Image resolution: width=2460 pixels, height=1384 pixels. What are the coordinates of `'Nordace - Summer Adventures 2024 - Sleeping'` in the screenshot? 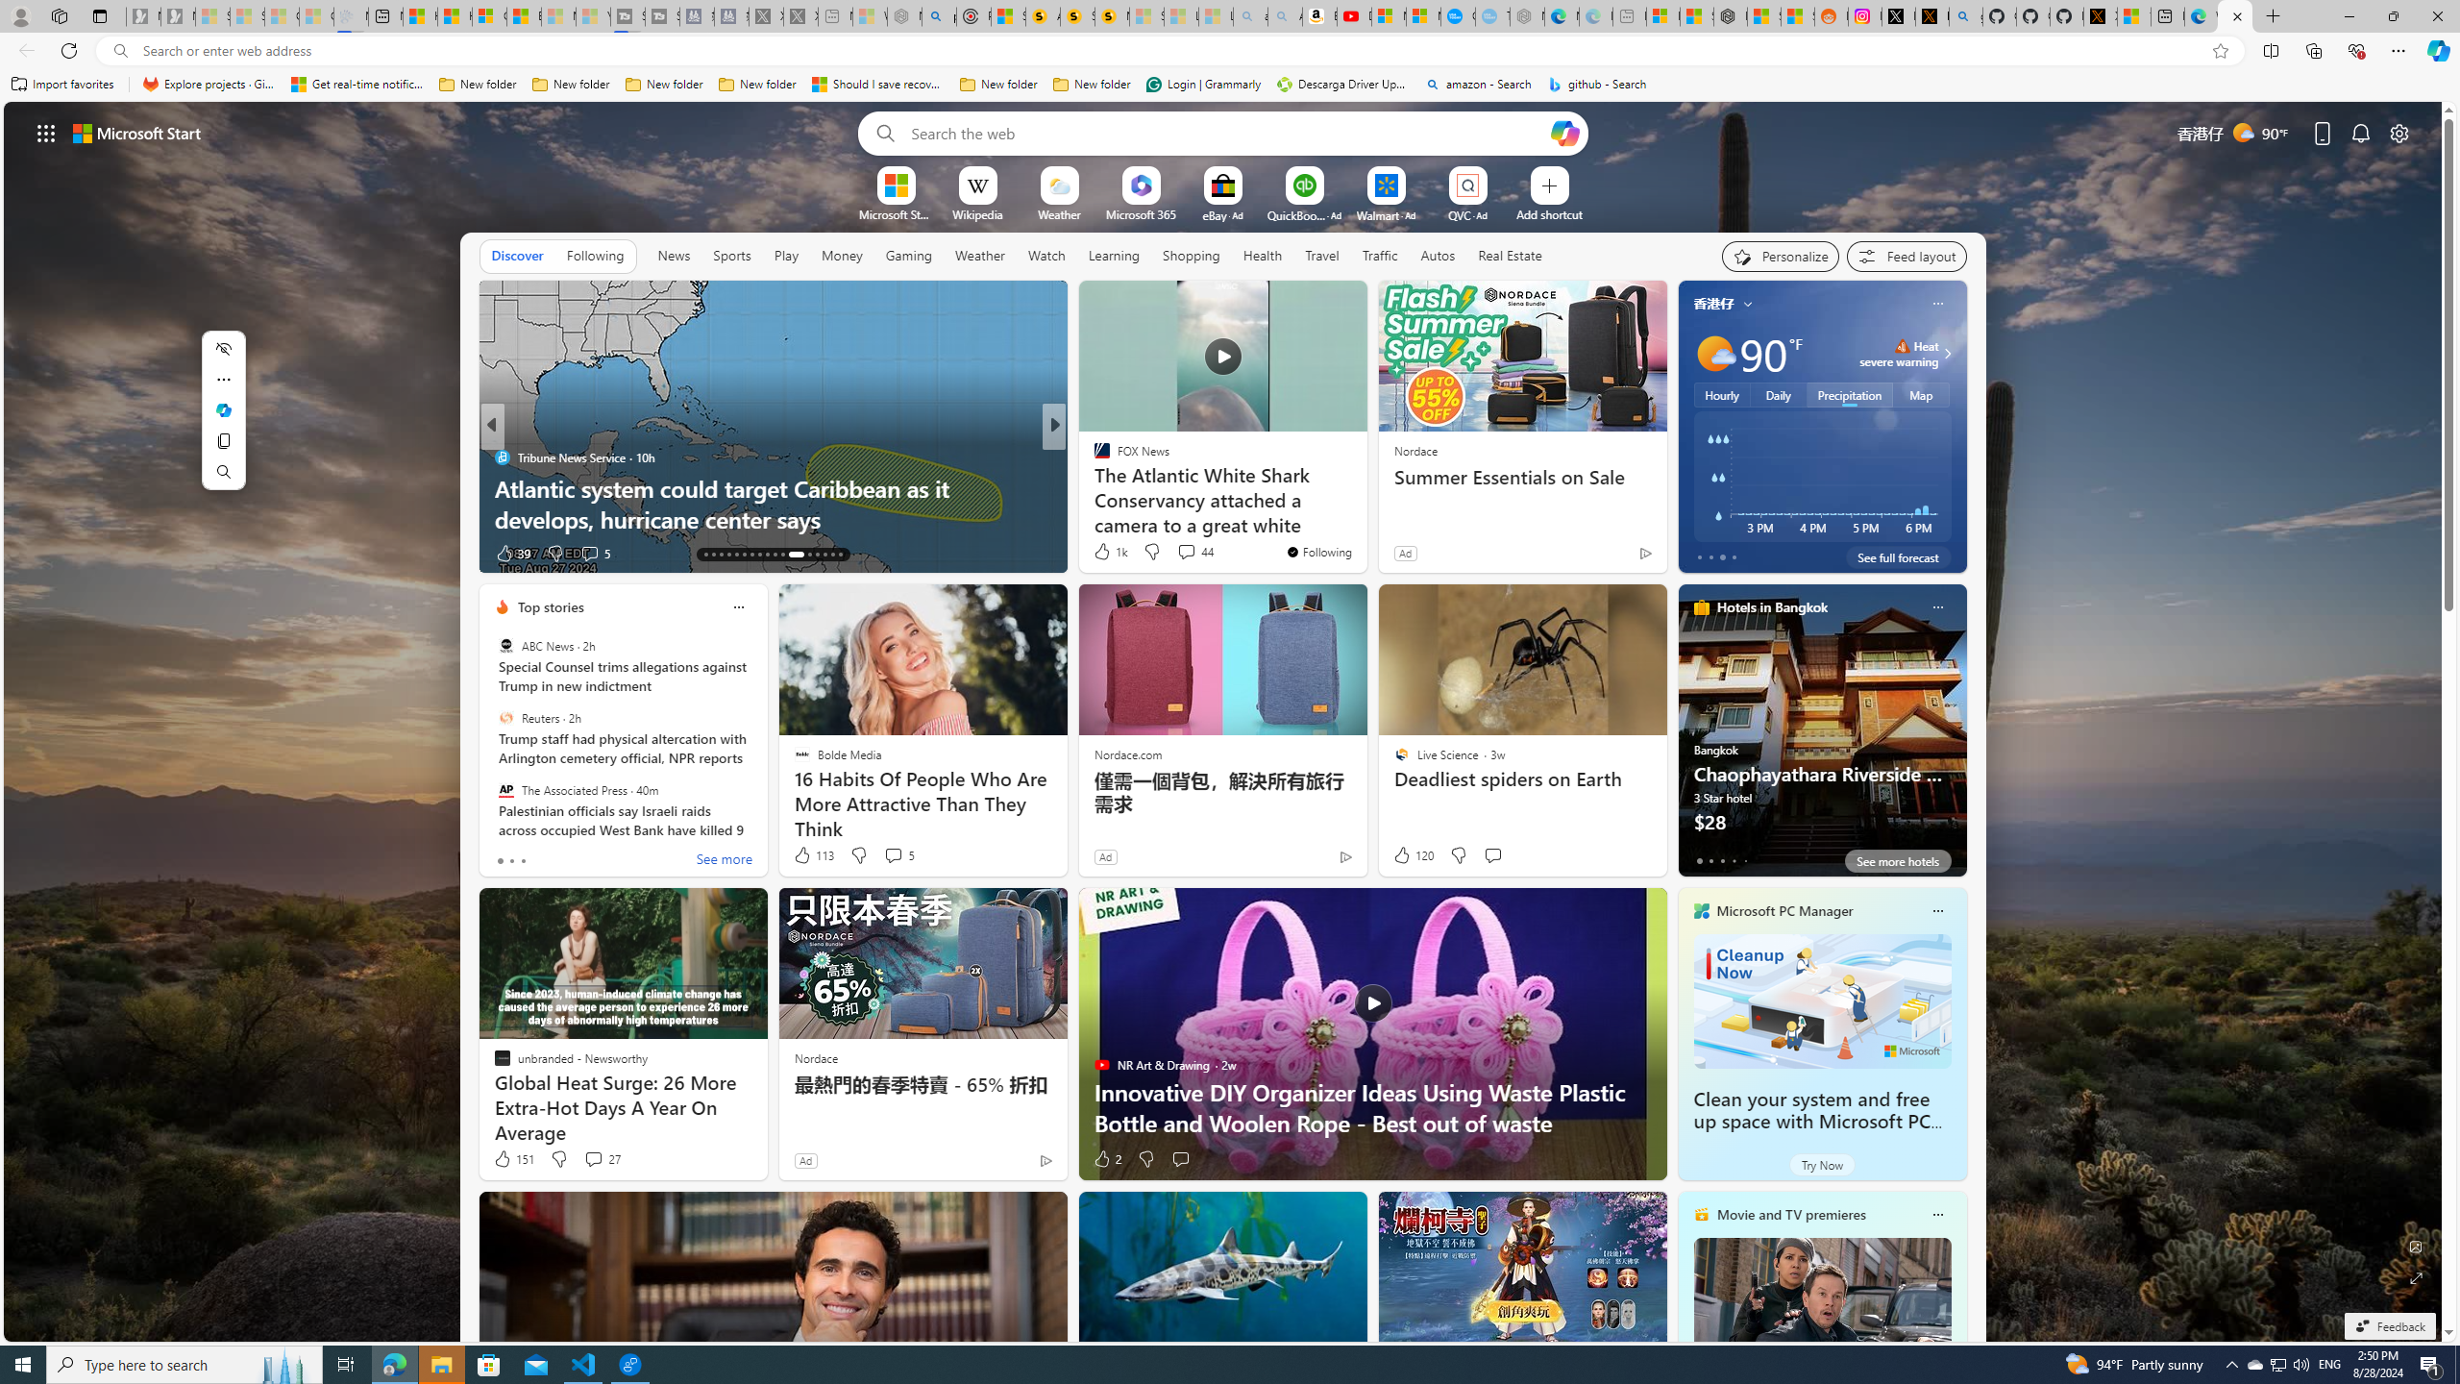 It's located at (902, 15).